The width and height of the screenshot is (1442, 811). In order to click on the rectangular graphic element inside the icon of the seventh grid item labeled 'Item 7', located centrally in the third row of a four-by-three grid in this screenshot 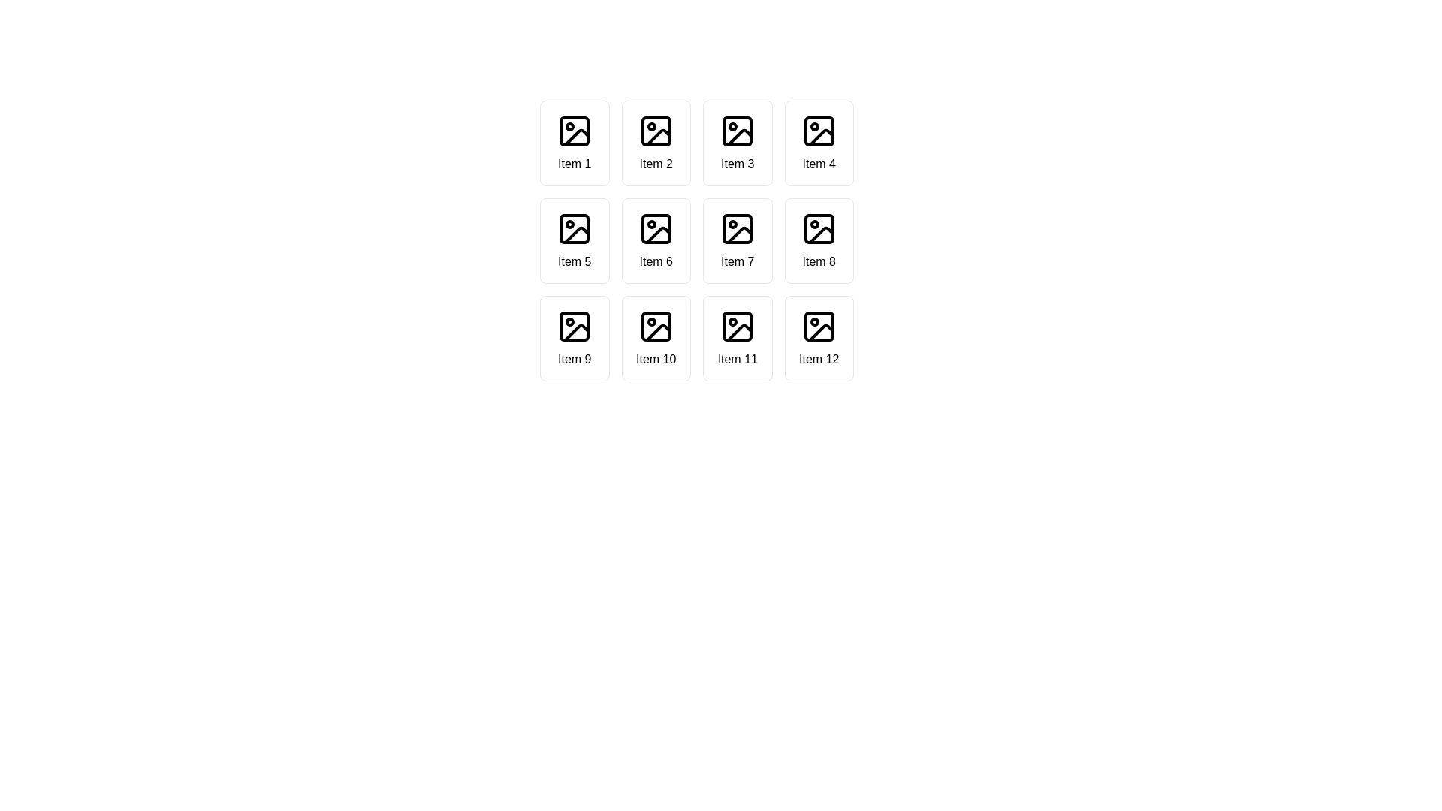, I will do `click(738, 228)`.